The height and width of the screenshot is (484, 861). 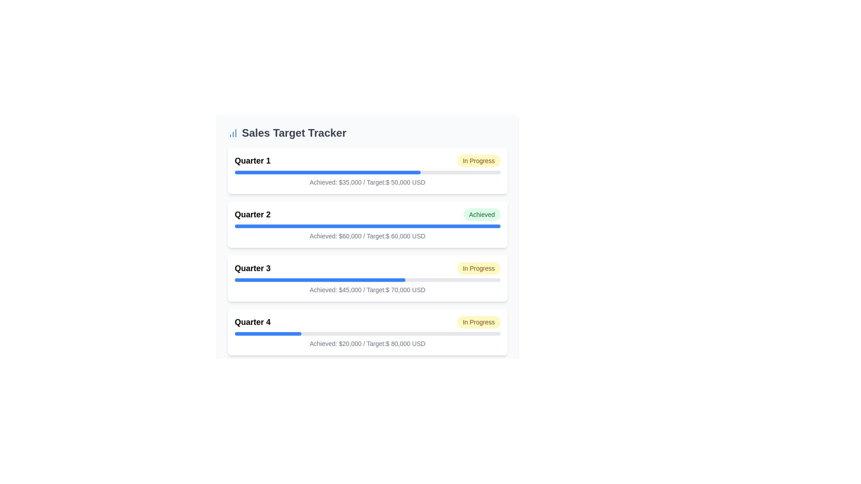 I want to click on the non-interactive Text Label that displays information about the achieved versus targeted financial goal, located beneath the progress bar in the Quarter 4 section, so click(x=367, y=343).